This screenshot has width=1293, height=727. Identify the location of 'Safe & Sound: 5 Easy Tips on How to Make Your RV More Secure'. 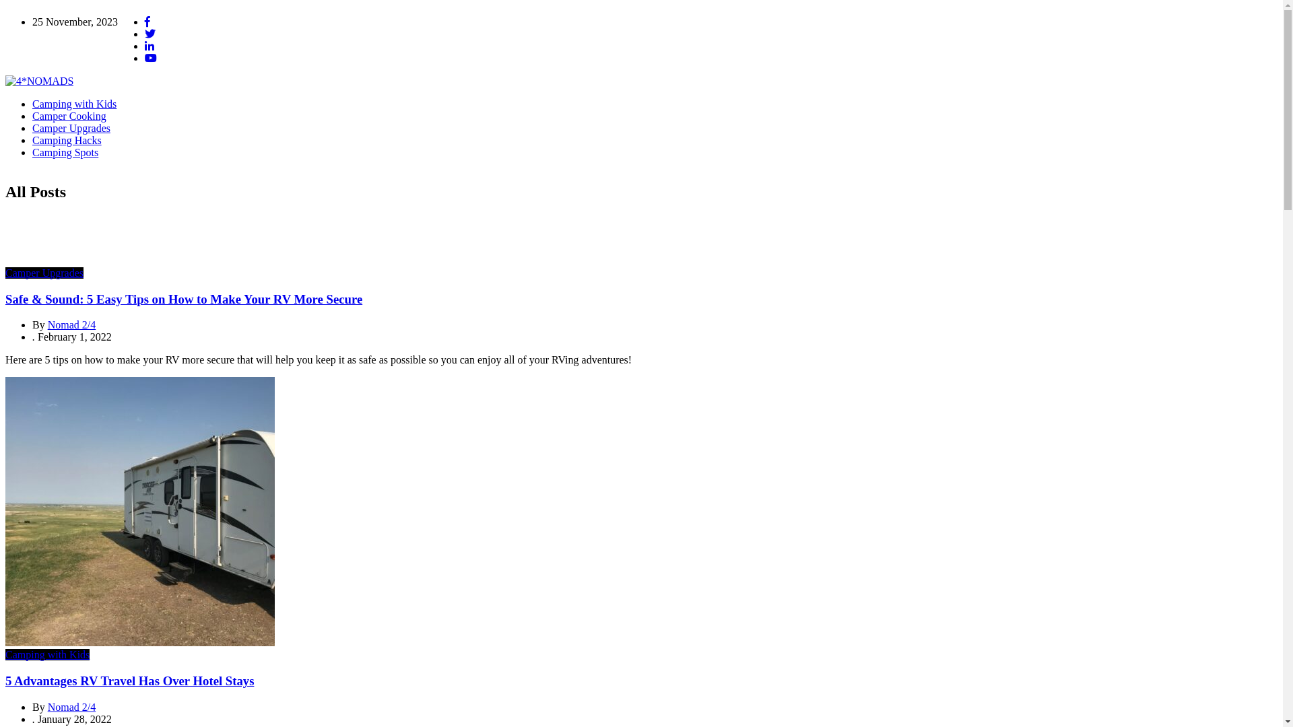
(183, 298).